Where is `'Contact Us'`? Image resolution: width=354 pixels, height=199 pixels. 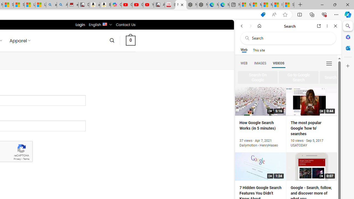 'Contact Us' is located at coordinates (125, 24).